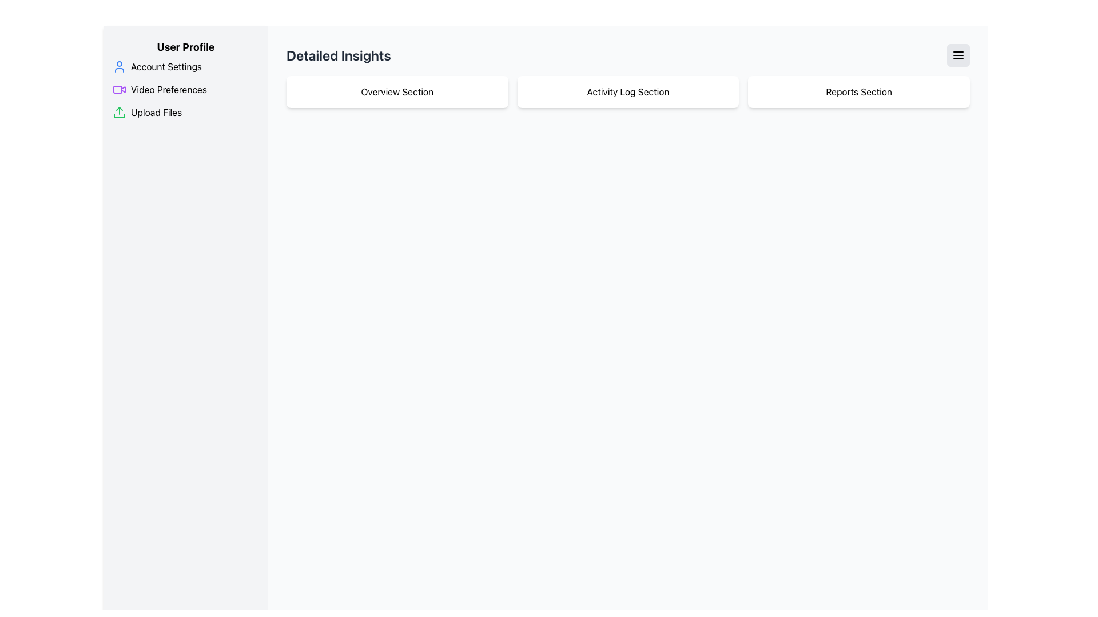 The height and width of the screenshot is (617, 1098). What do you see at coordinates (168, 89) in the screenshot?
I see `the 'Video Preferences' text label in the navigation menu` at bounding box center [168, 89].